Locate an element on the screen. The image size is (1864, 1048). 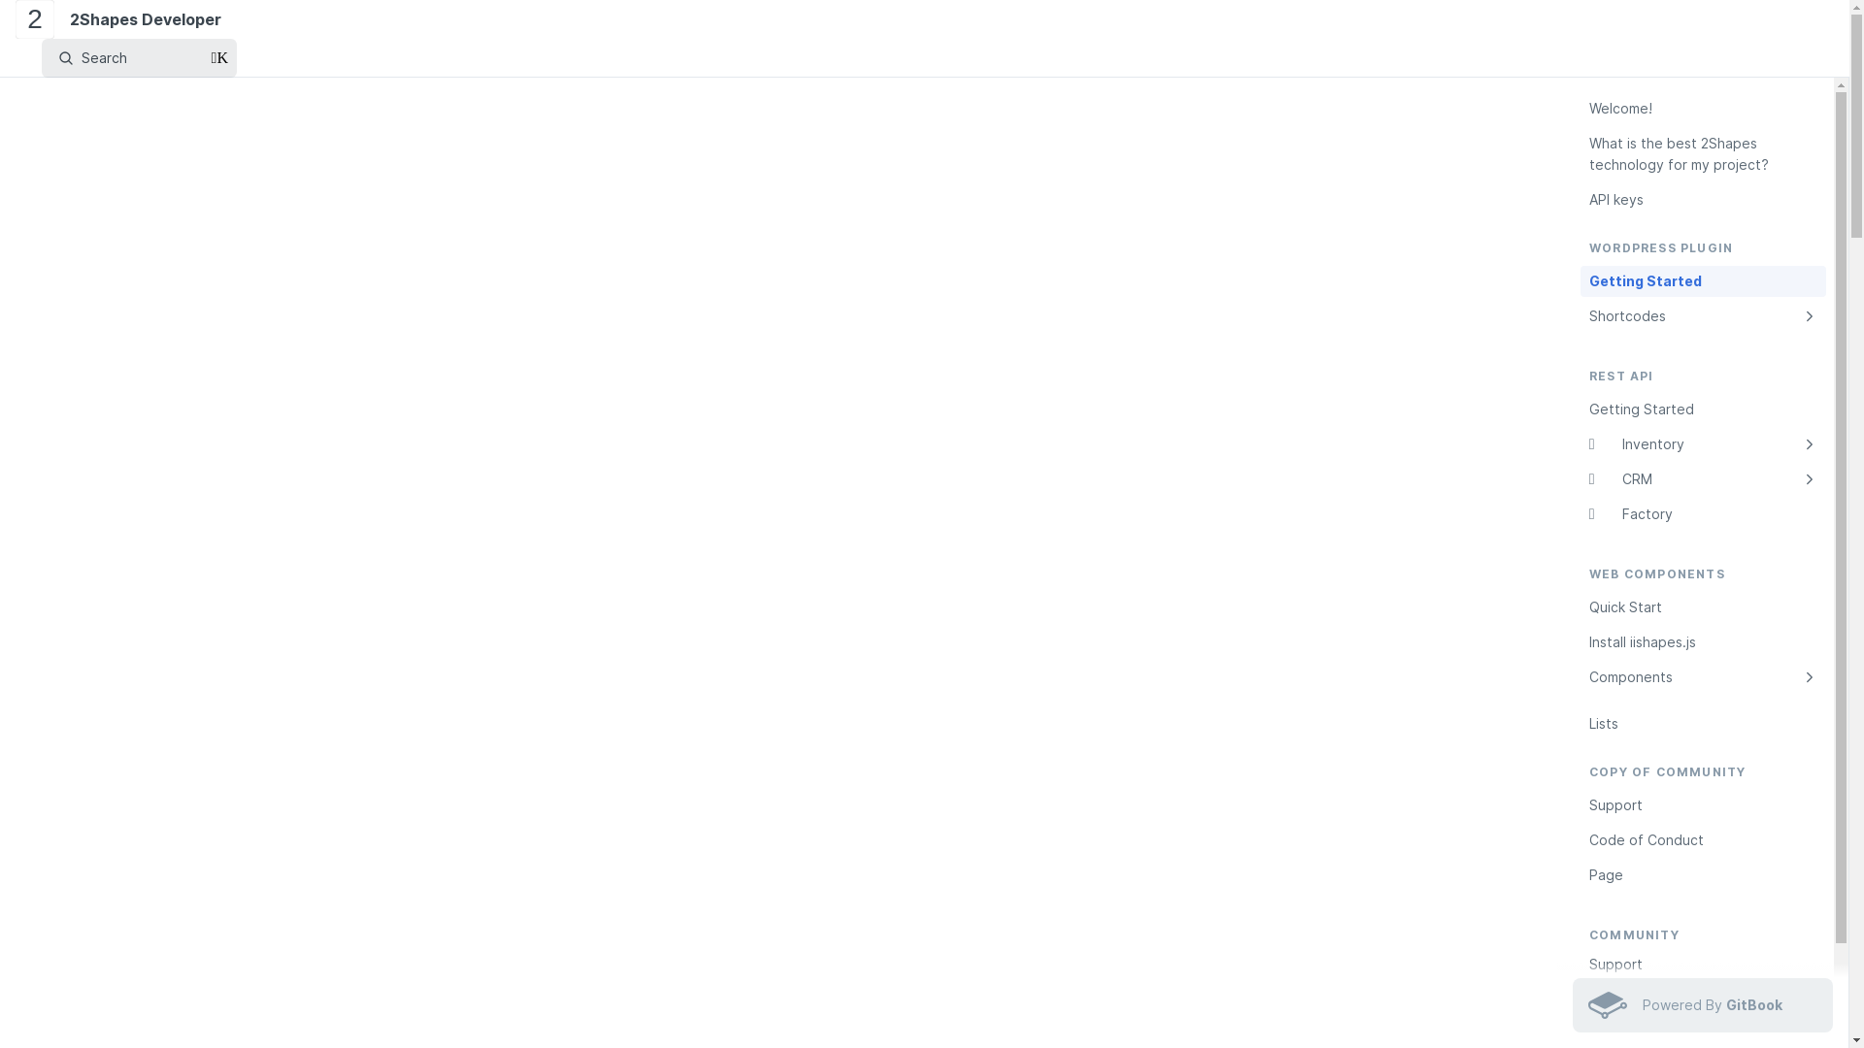
'Components' is located at coordinates (1580, 676).